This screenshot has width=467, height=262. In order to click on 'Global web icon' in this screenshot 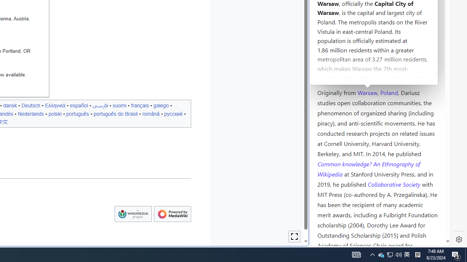, I will do `click(324, 241)`.